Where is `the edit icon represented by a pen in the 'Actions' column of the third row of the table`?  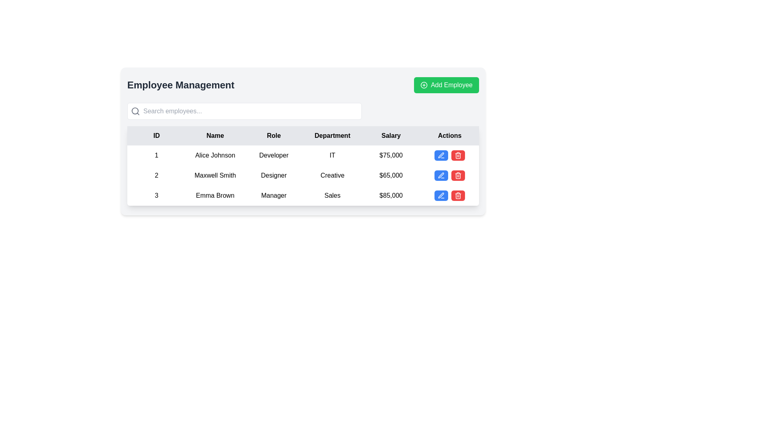 the edit icon represented by a pen in the 'Actions' column of the third row of the table is located at coordinates (441, 155).